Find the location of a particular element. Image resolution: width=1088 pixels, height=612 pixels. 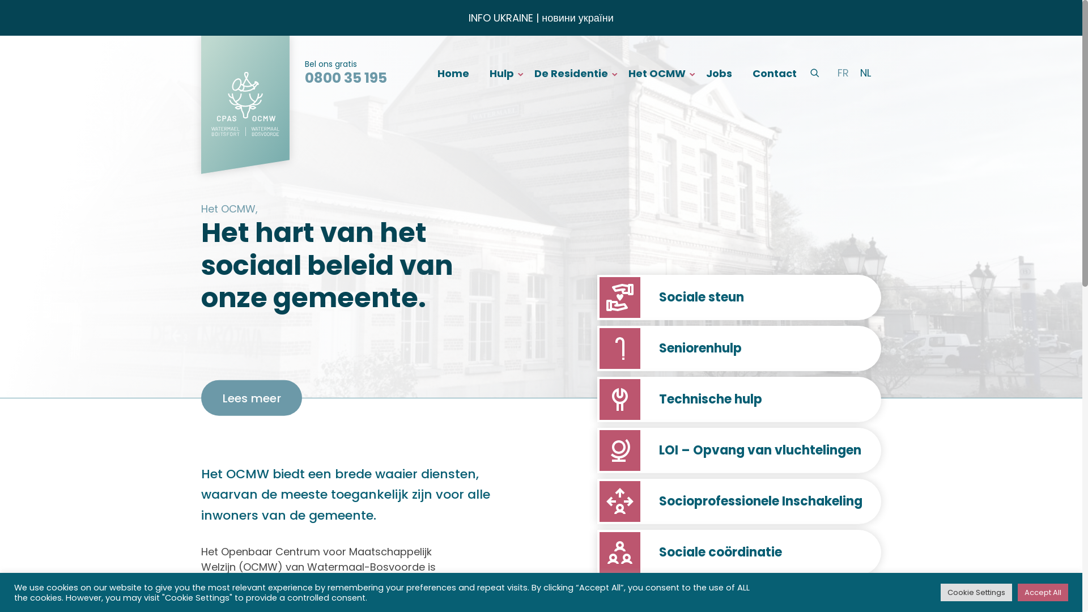

'Home' is located at coordinates (453, 73).